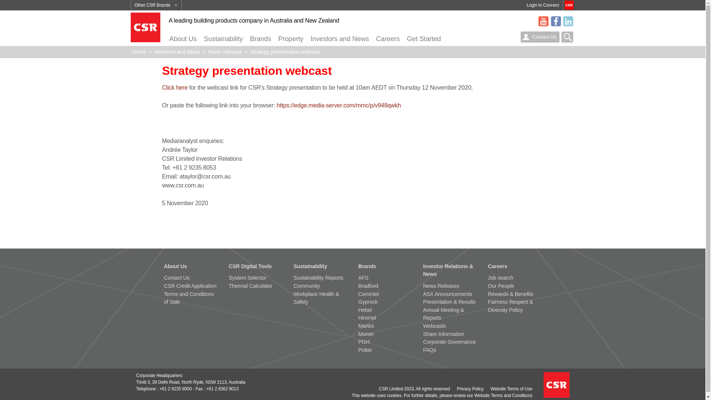  I want to click on 'Corporate Governance', so click(449, 341).